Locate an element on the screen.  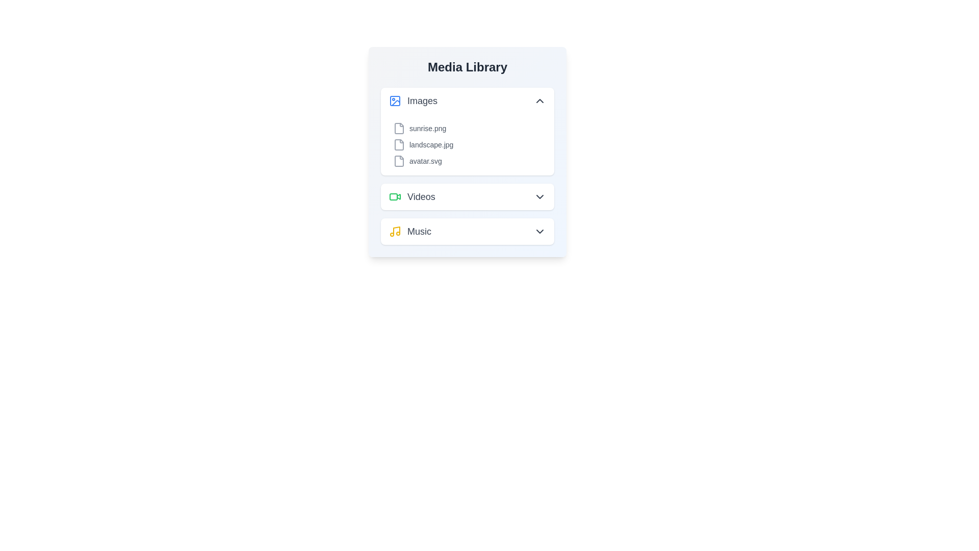
the 'Images' icon located on the left side of the 'Images' text label in the 'Media Library' section is located at coordinates (394, 101).